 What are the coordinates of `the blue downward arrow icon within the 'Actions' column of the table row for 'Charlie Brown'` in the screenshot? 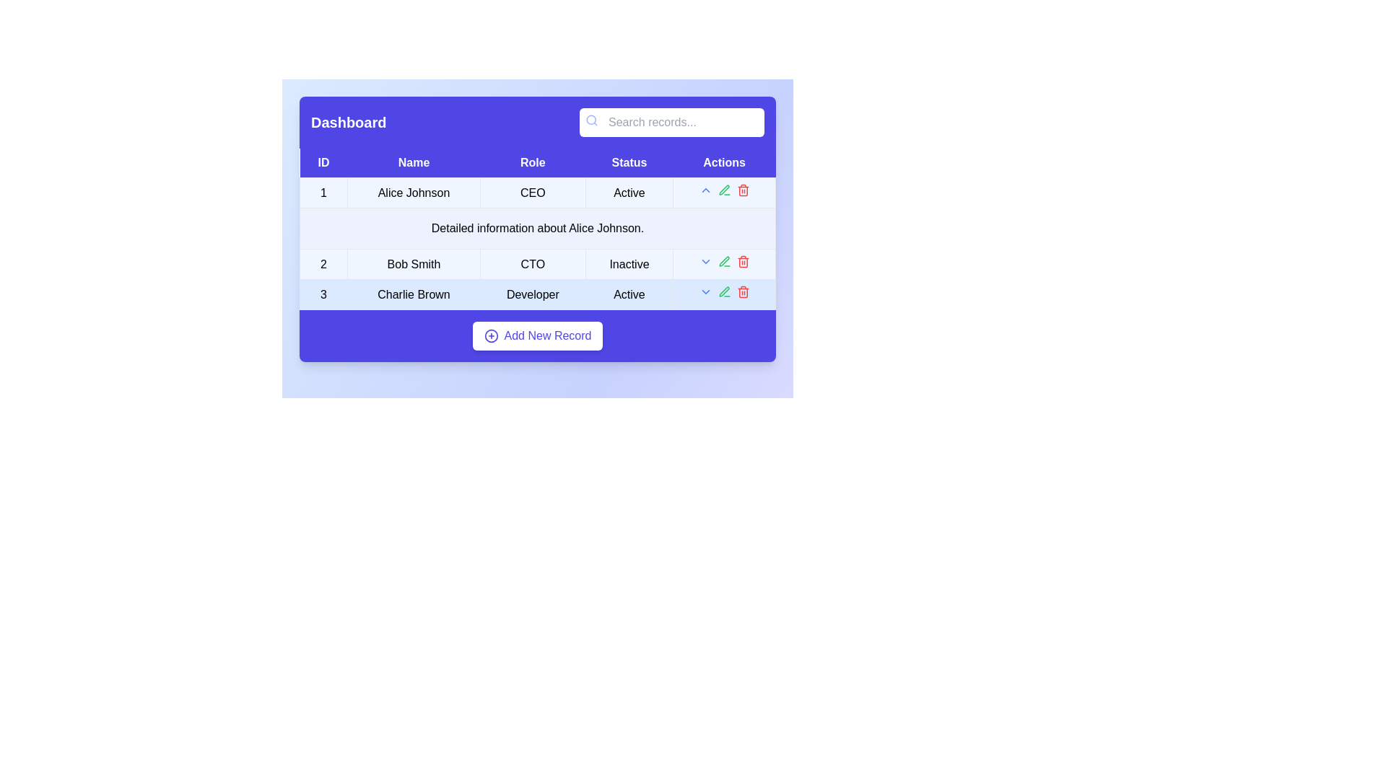 It's located at (724, 294).